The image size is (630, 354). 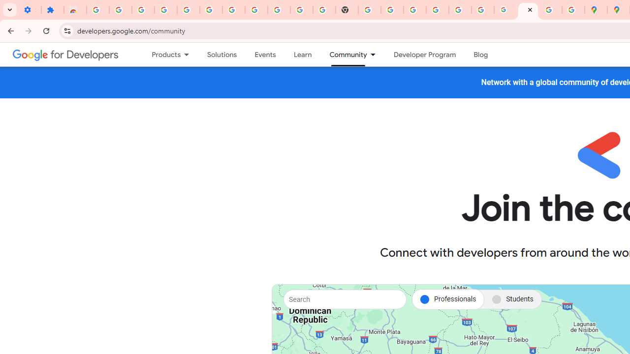 What do you see at coordinates (30, 10) in the screenshot?
I see `'Settings - On startup'` at bounding box center [30, 10].